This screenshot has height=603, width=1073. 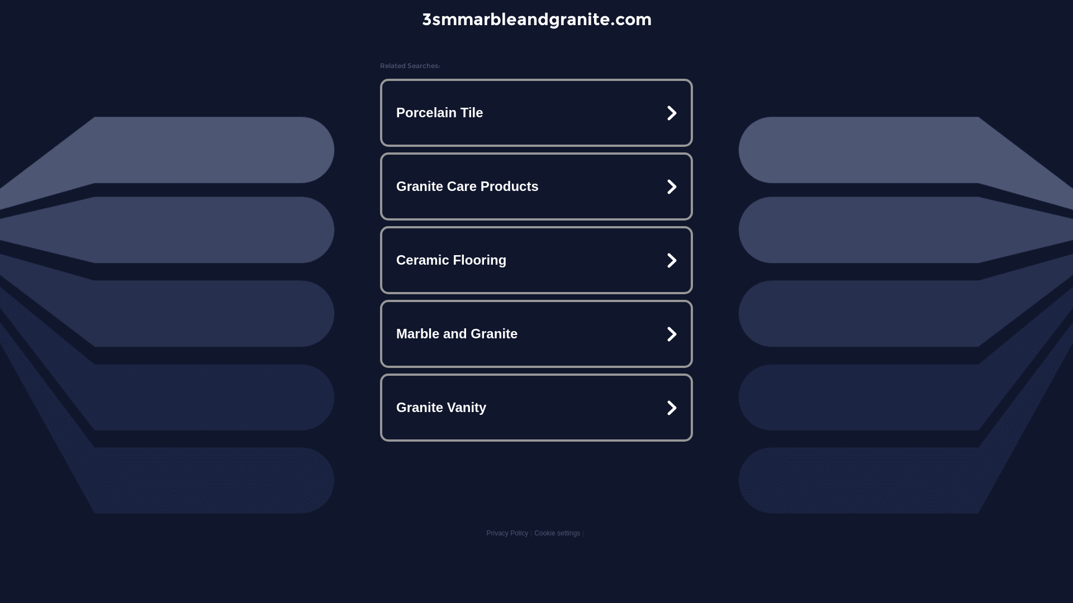 I want to click on 'Granite Care Products', so click(x=536, y=186).